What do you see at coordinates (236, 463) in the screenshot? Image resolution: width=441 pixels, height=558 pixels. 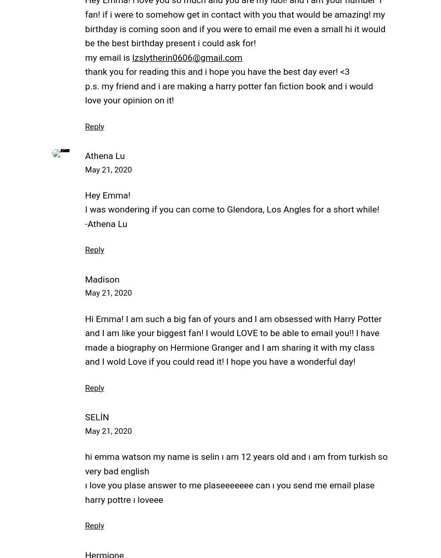 I see `'hi emma watson my name is selin ı am 12 years old and ı am from turkish so very bad english'` at bounding box center [236, 463].